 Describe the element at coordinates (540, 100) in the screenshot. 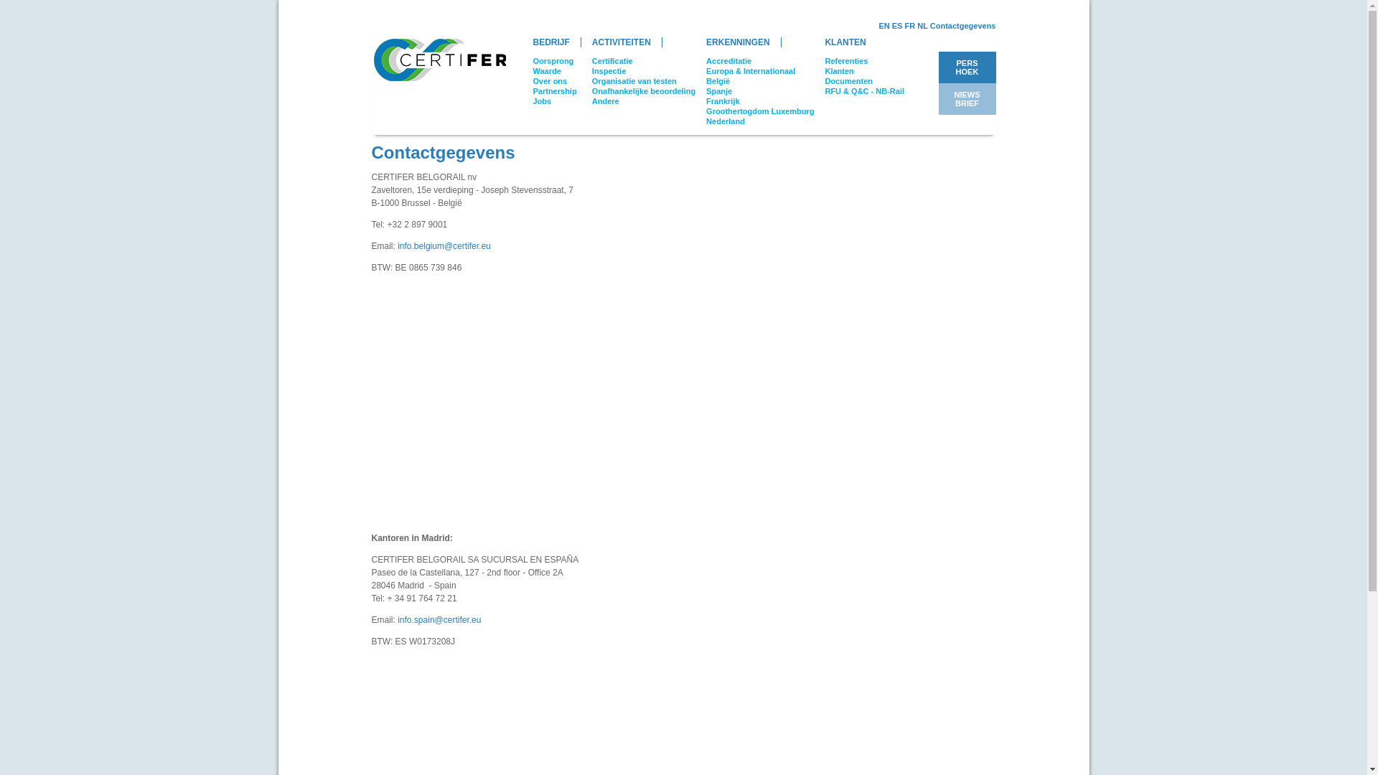

I see `'Jobs'` at that location.